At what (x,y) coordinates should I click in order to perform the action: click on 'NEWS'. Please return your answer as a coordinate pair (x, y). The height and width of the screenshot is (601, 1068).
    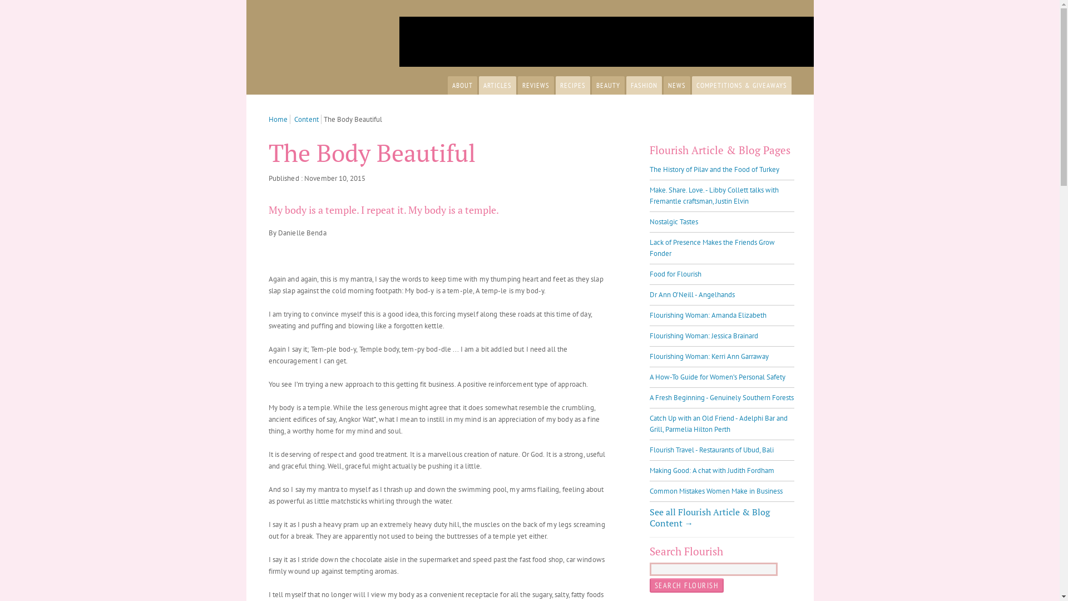
    Looking at the image, I should click on (662, 85).